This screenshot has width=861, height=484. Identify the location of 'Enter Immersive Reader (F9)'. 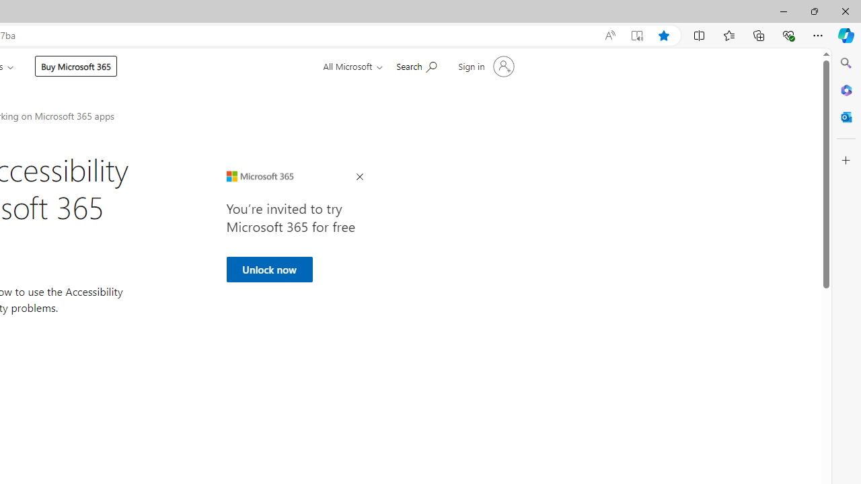
(636, 35).